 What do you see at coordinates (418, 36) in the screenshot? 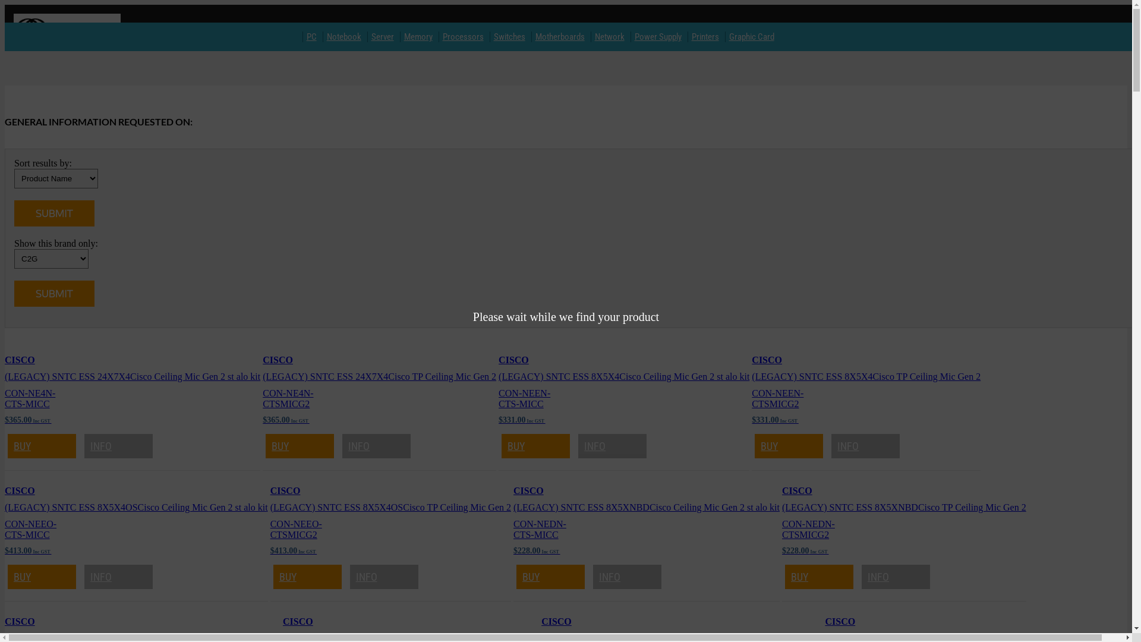
I see `'Memory'` at bounding box center [418, 36].